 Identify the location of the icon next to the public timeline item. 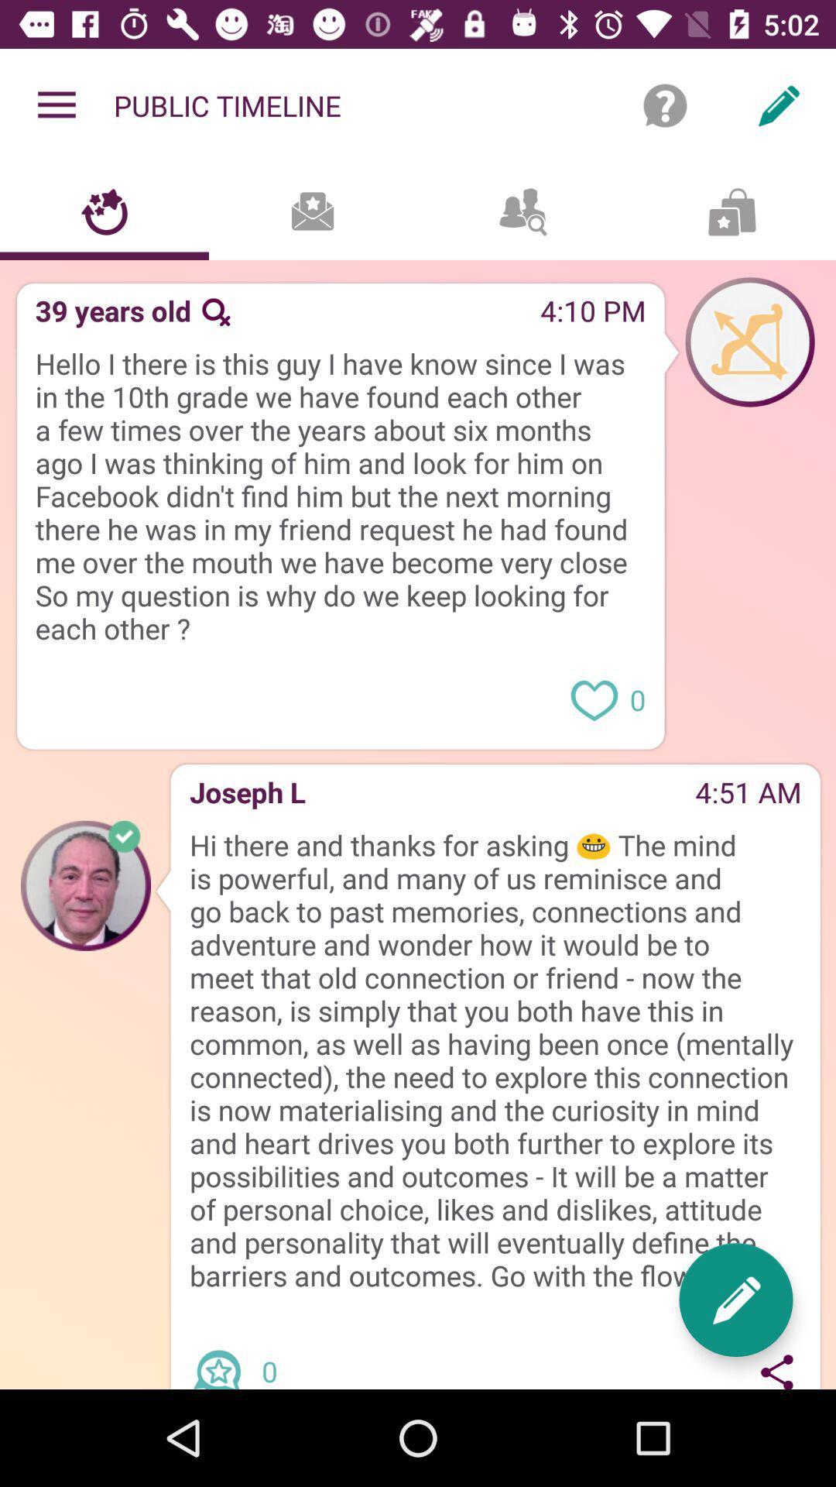
(56, 105).